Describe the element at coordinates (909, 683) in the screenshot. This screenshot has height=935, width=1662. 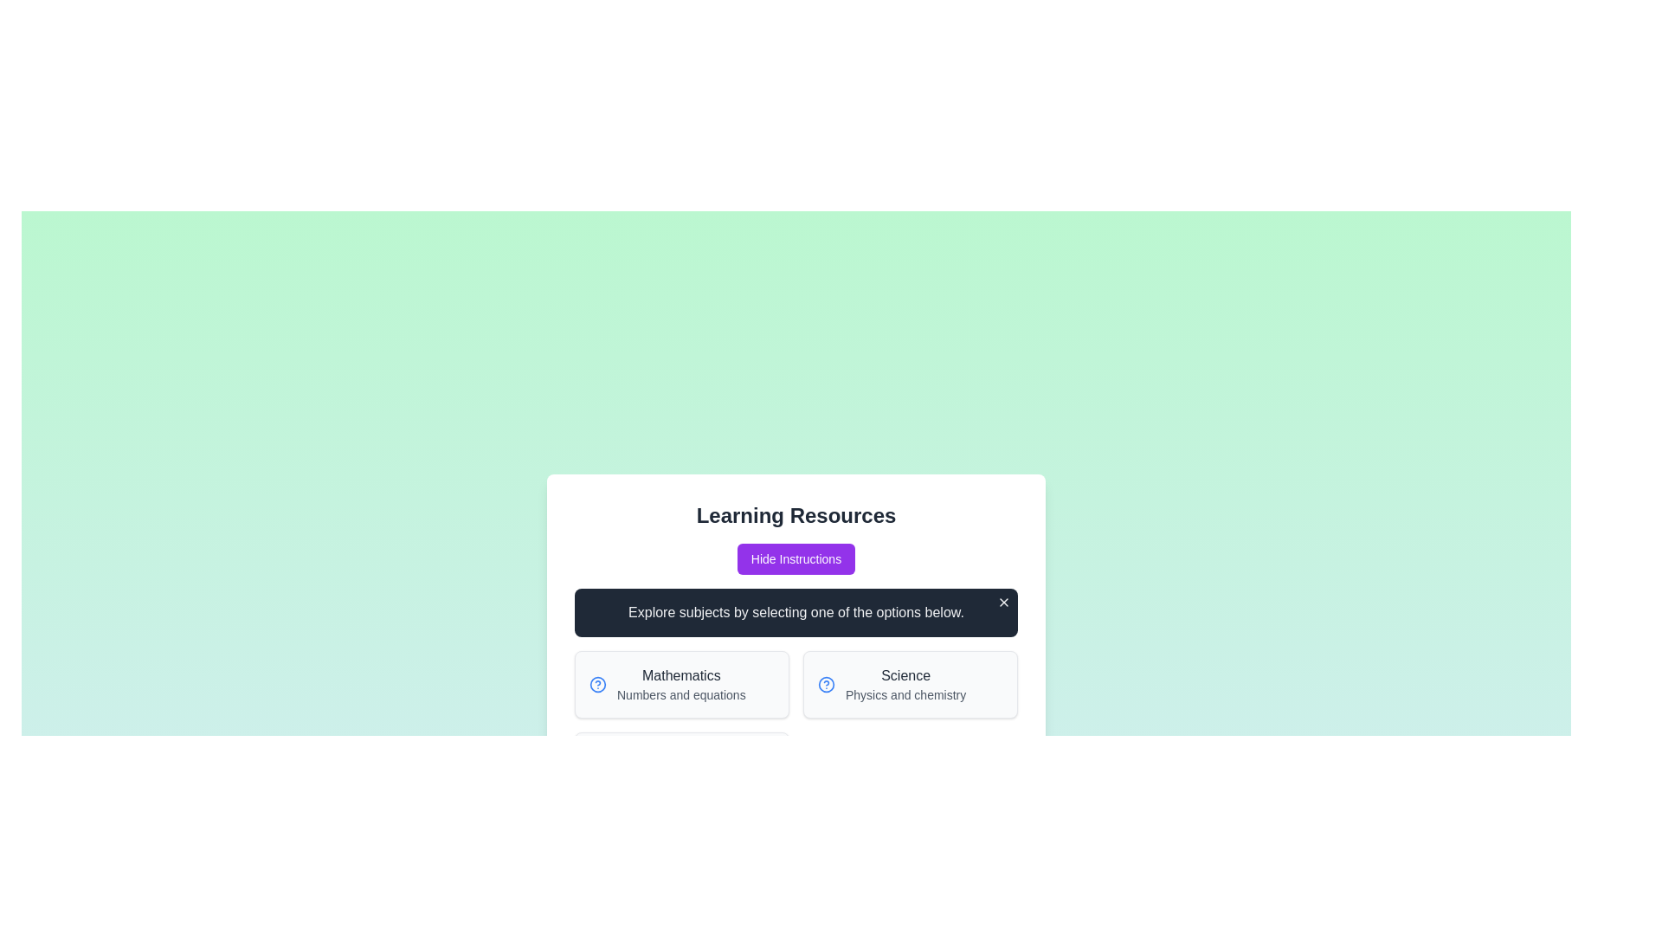
I see `the button labeled 'Science' located in the second column under 'Learning Resources'` at that location.